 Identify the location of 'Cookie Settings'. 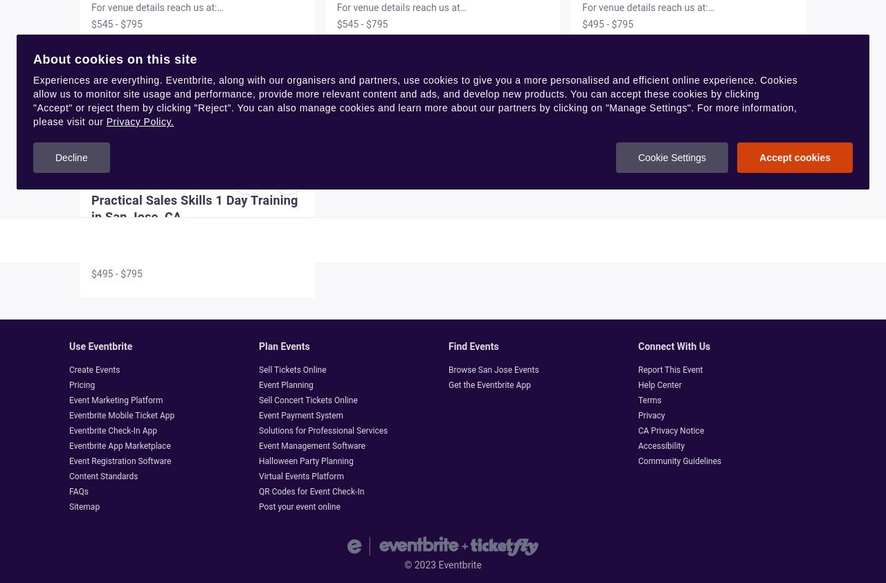
(636, 158).